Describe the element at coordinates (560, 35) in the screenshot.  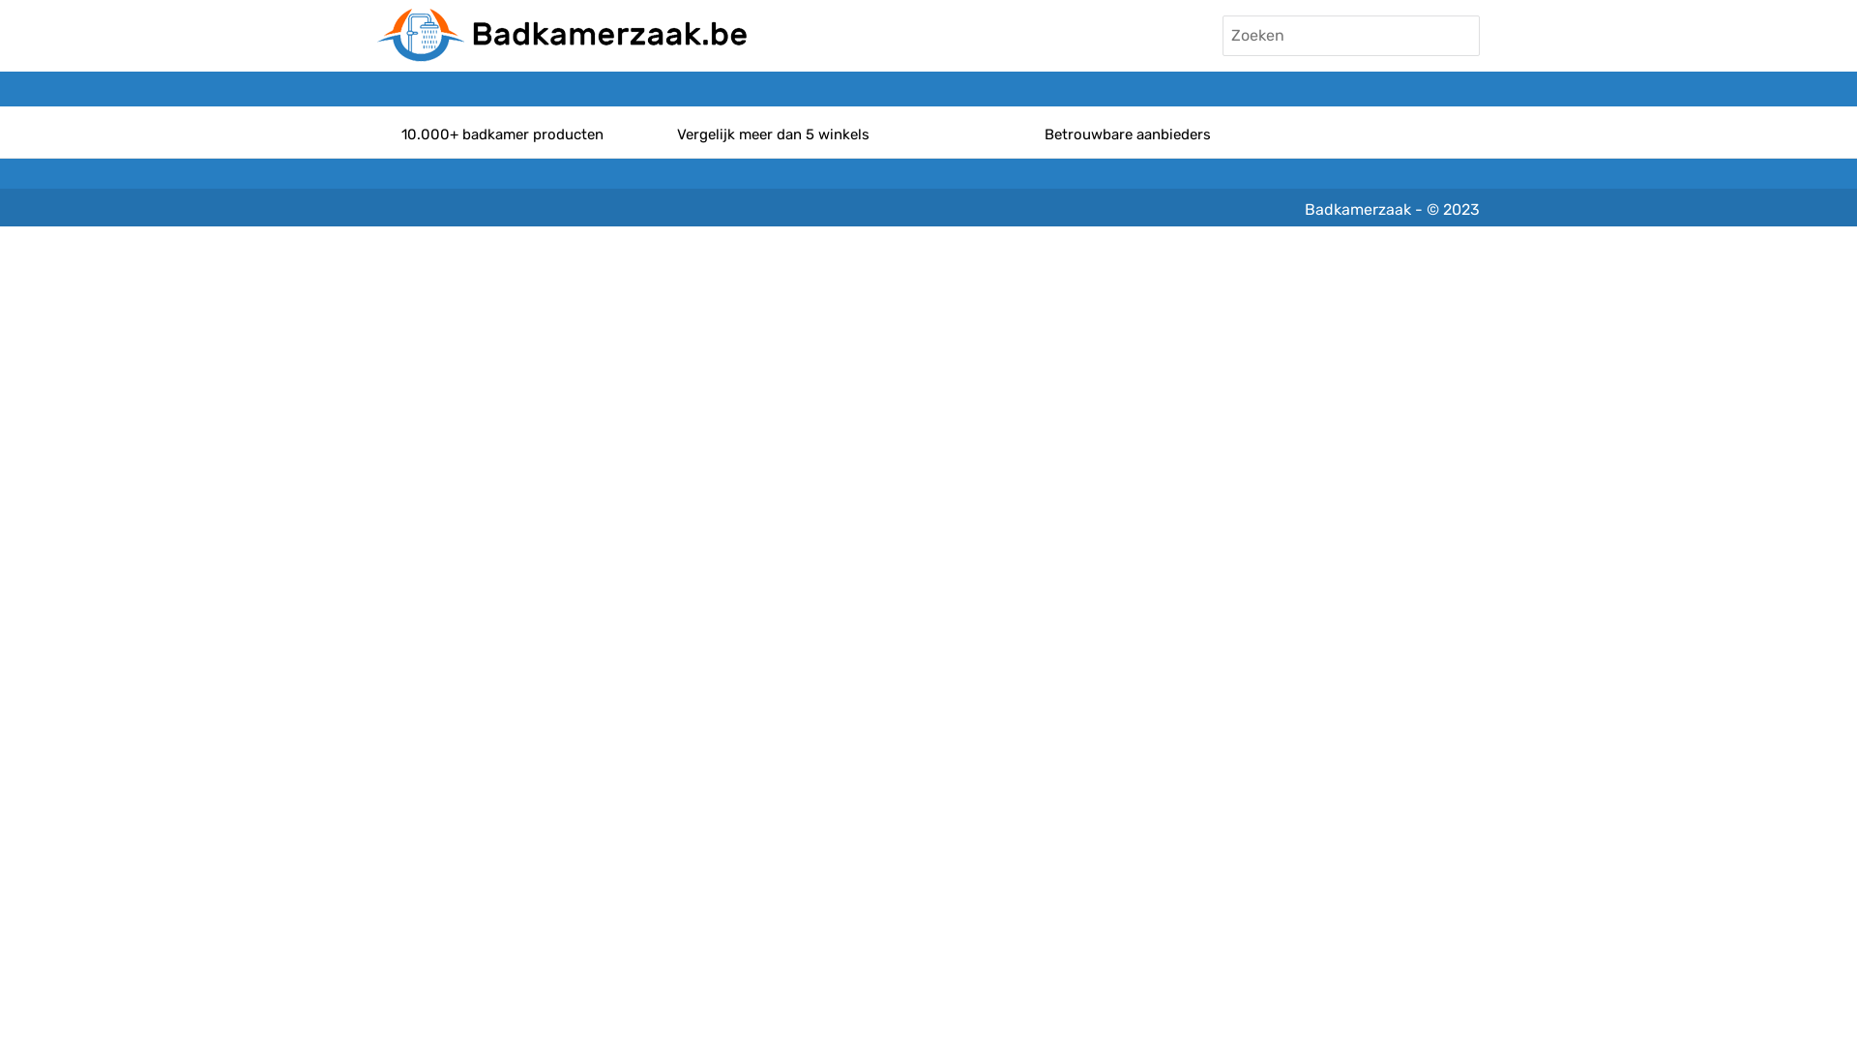
I see `'Badkamerzaak'` at that location.